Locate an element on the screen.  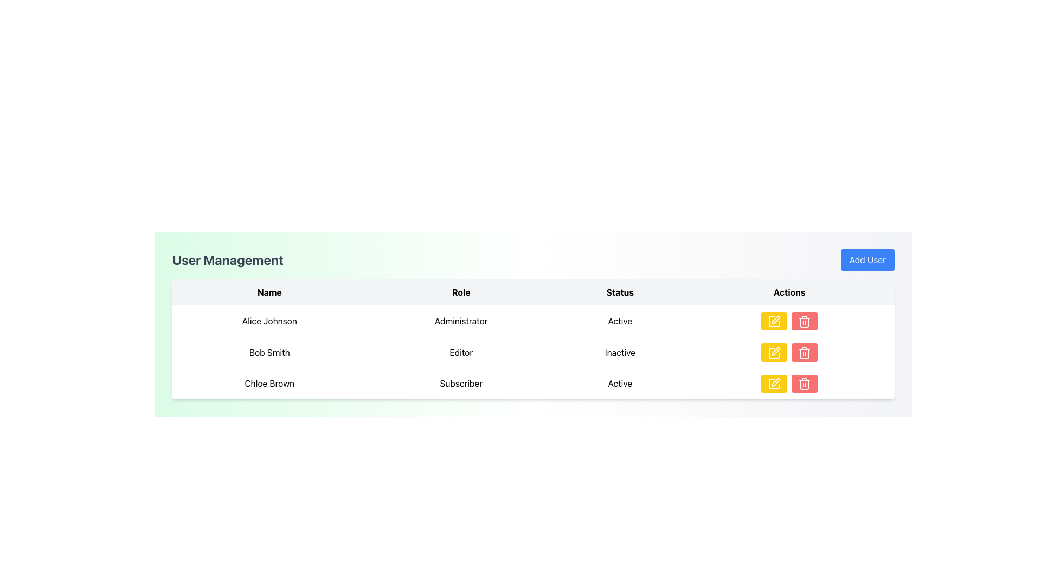
the trash can icon in the 'Actions' column of the user data table is located at coordinates (805, 383).